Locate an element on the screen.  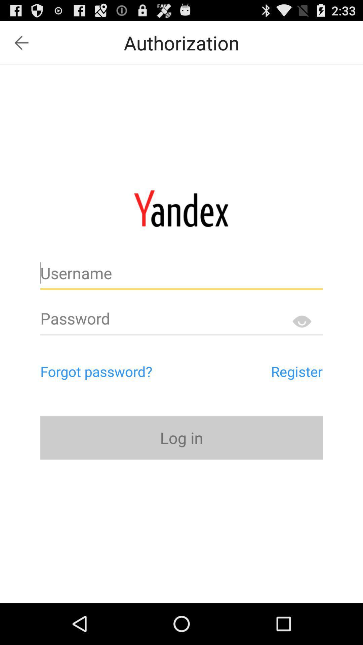
the log in icon is located at coordinates (182, 438).